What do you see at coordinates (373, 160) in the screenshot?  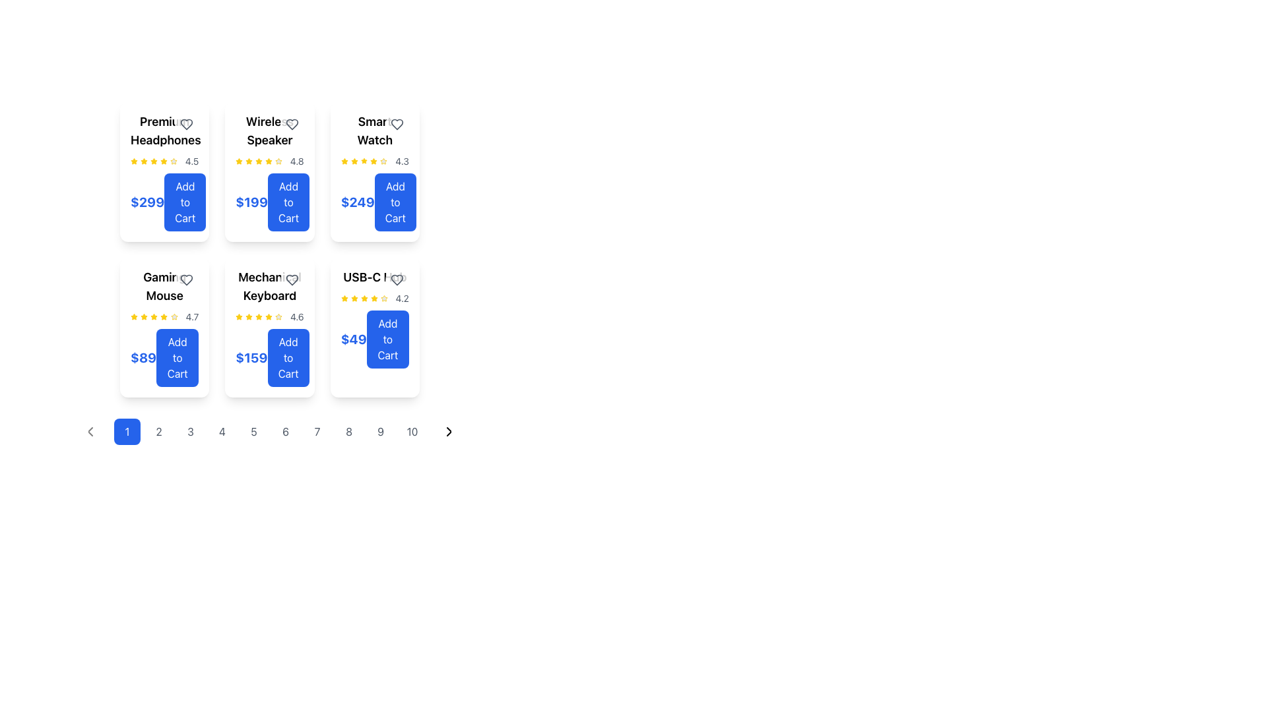 I see `the second star in the third row's rating display for the product 'Smart Watch', which serves as a visual representation in the rating system` at bounding box center [373, 160].